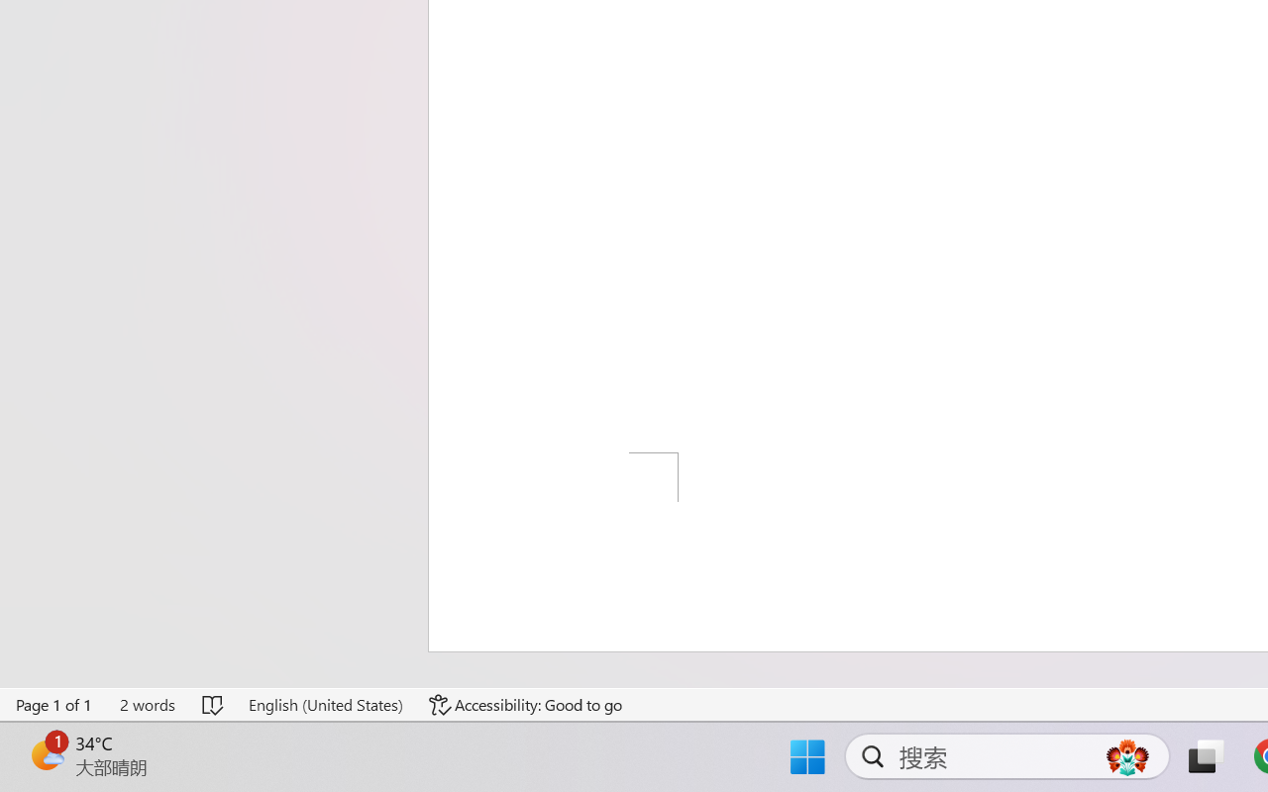  Describe the element at coordinates (325, 704) in the screenshot. I see `'Language English (United States)'` at that location.